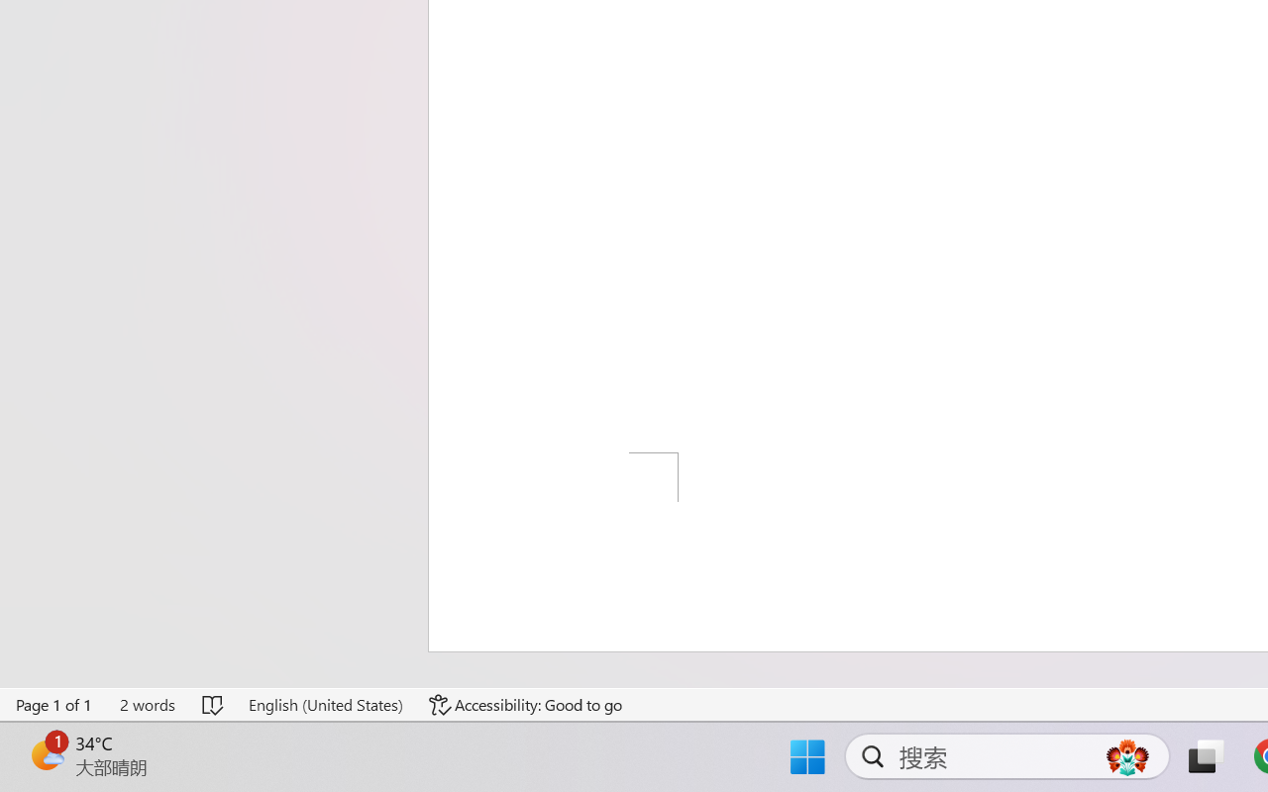  Describe the element at coordinates (325, 704) in the screenshot. I see `'Language English (United States)'` at that location.